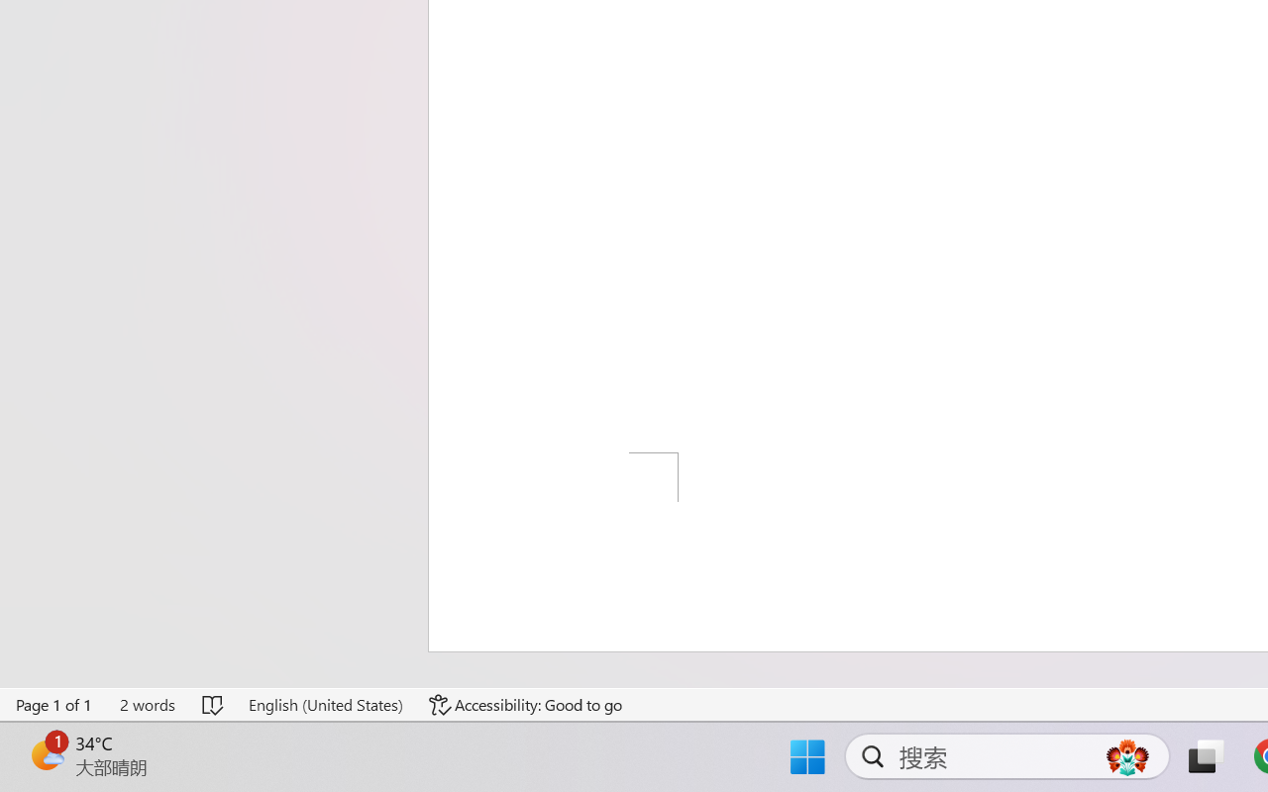  Describe the element at coordinates (325, 704) in the screenshot. I see `'Language English (United States)'` at that location.